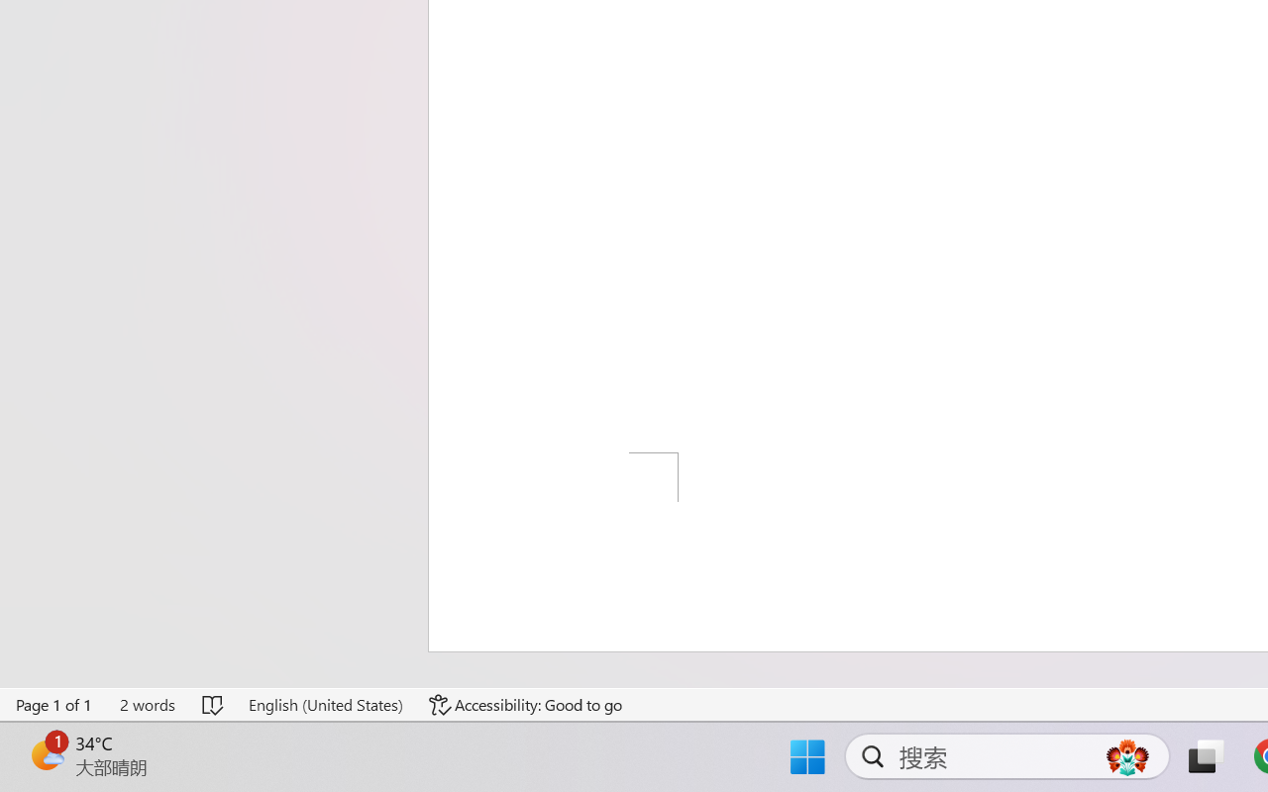  Describe the element at coordinates (325, 704) in the screenshot. I see `'Language English (United States)'` at that location.